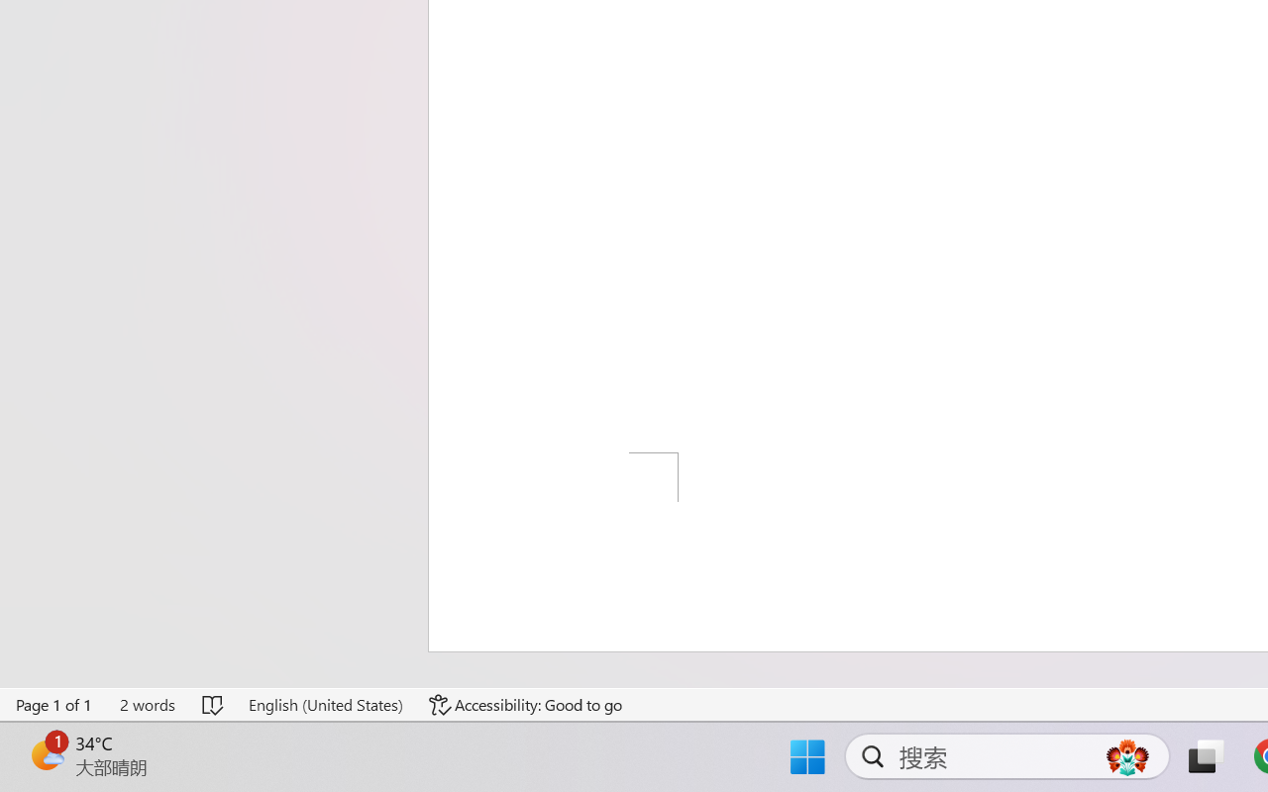  Describe the element at coordinates (325, 704) in the screenshot. I see `'Language English (United States)'` at that location.